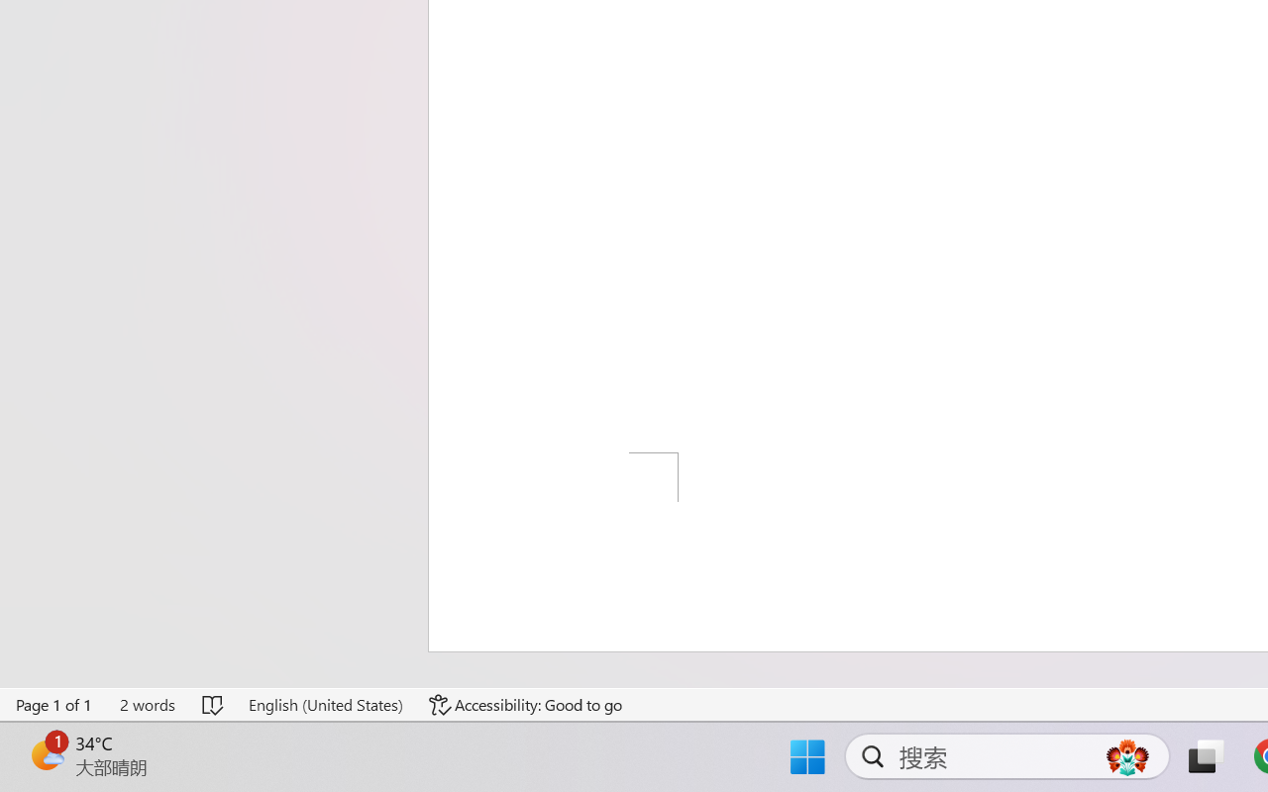  Describe the element at coordinates (325, 704) in the screenshot. I see `'Language English (United States)'` at that location.